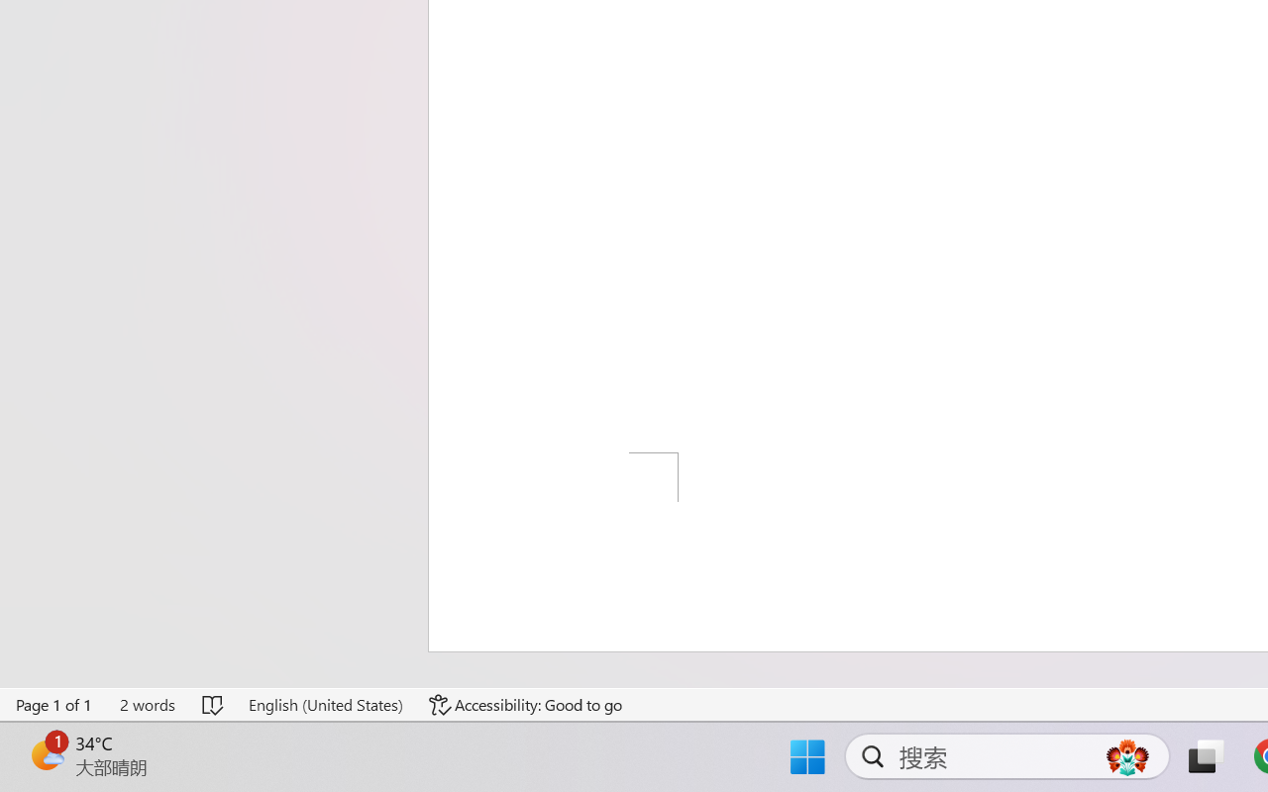  Describe the element at coordinates (325, 704) in the screenshot. I see `'Language English (United States)'` at that location.